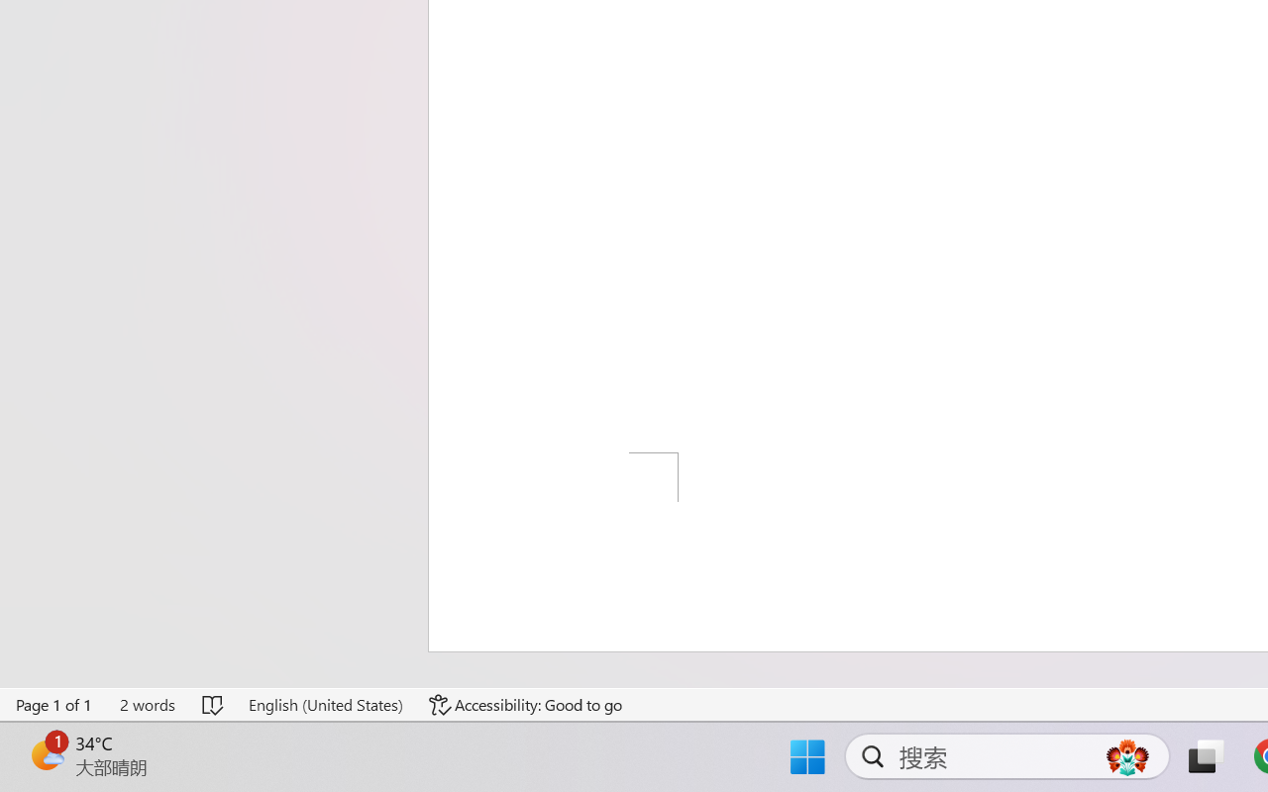  Describe the element at coordinates (325, 704) in the screenshot. I see `'Language English (United States)'` at that location.